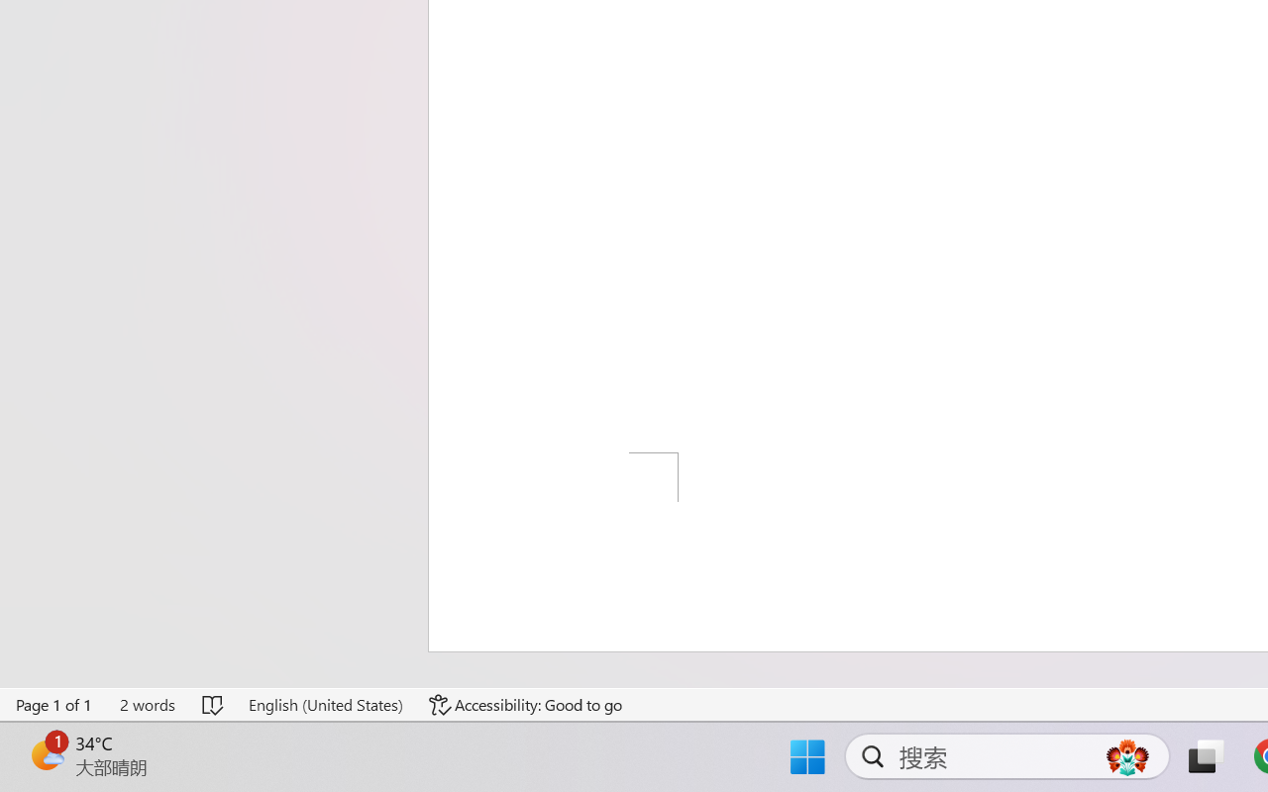  Describe the element at coordinates (325, 704) in the screenshot. I see `'Language English (United States)'` at that location.